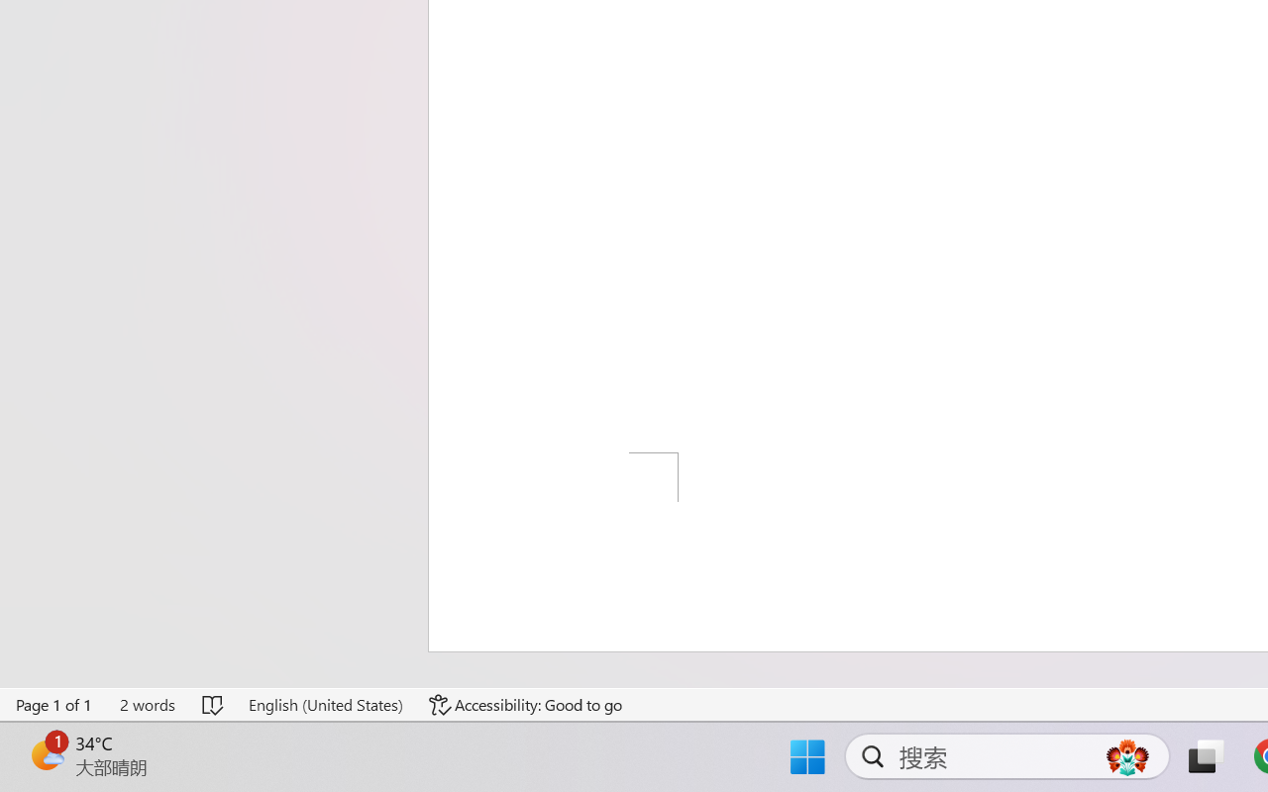  Describe the element at coordinates (325, 704) in the screenshot. I see `'Language English (United States)'` at that location.